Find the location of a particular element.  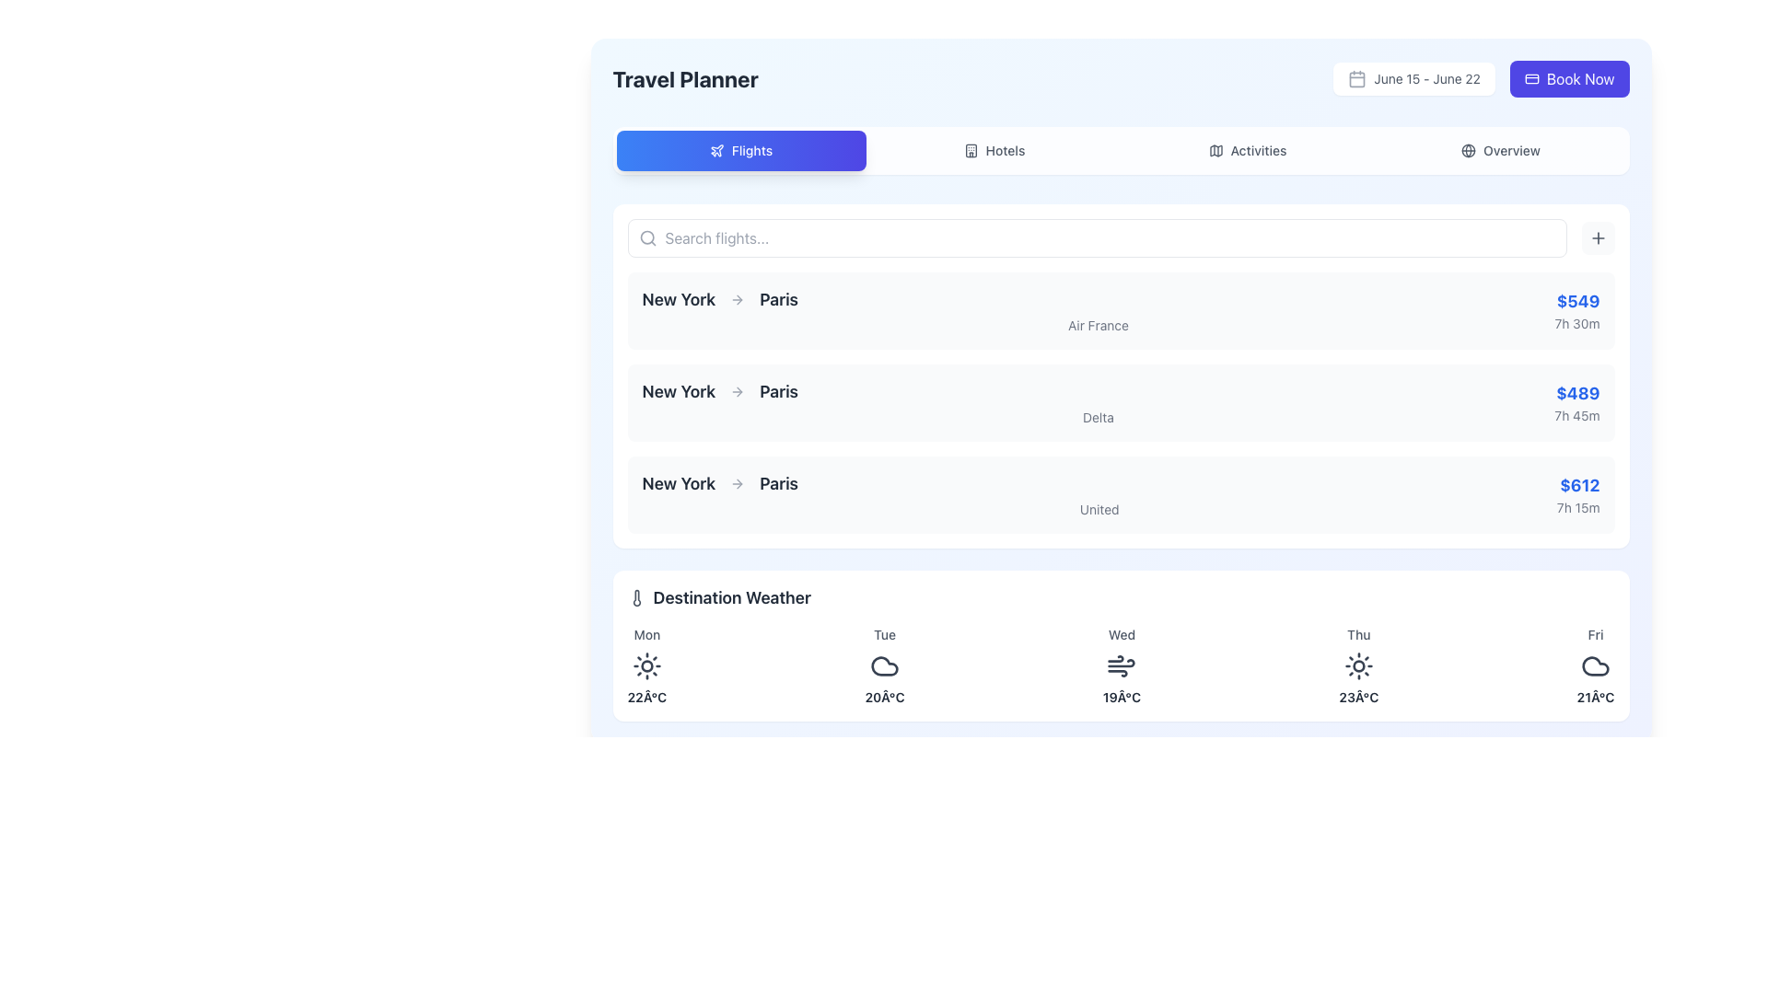

into the search bar located horizontally centered near the top of the interface to type a query is located at coordinates (1120, 237).